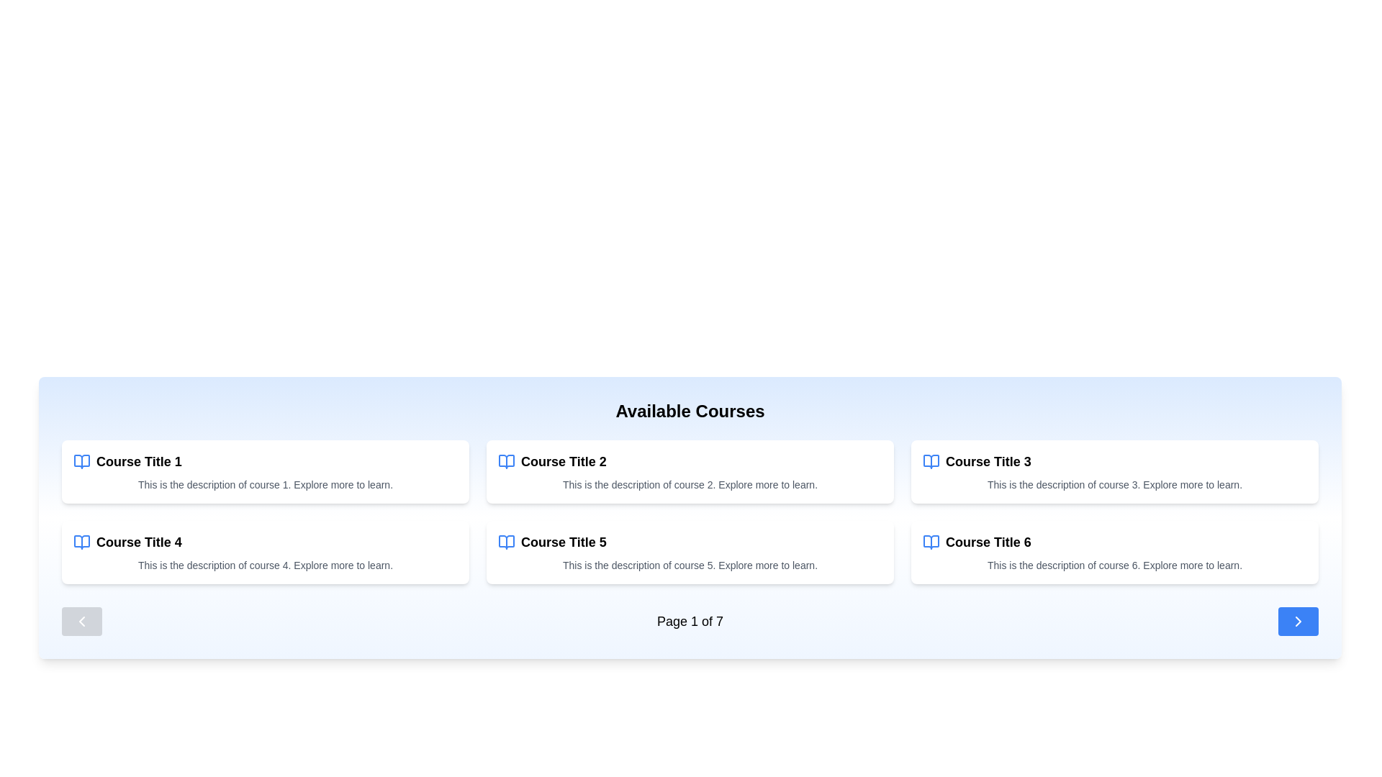  Describe the element at coordinates (690, 565) in the screenshot. I see `text content of the descriptive text label located beneath 'Course Title 5' in the second row and second column of the grid layout` at that location.